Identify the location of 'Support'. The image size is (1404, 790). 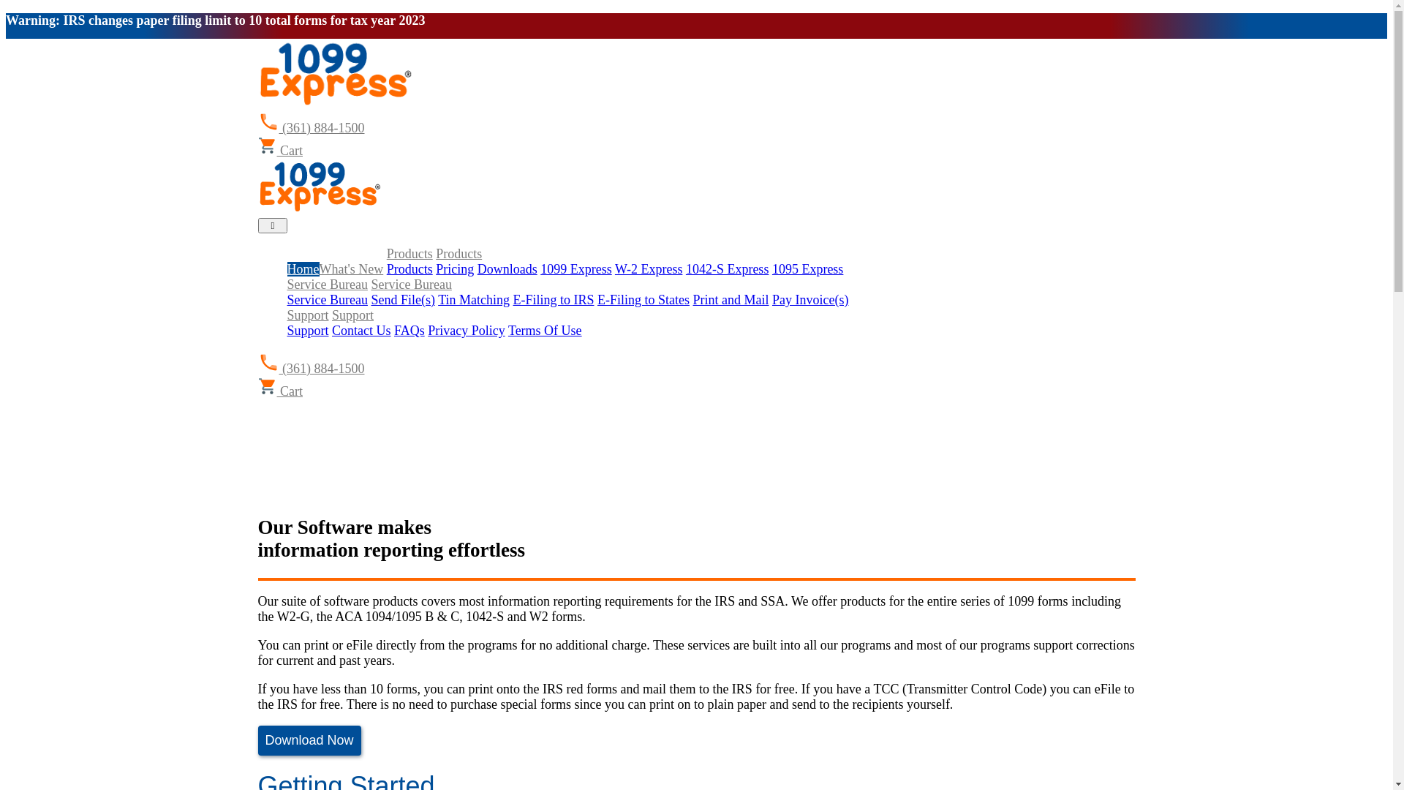
(306, 330).